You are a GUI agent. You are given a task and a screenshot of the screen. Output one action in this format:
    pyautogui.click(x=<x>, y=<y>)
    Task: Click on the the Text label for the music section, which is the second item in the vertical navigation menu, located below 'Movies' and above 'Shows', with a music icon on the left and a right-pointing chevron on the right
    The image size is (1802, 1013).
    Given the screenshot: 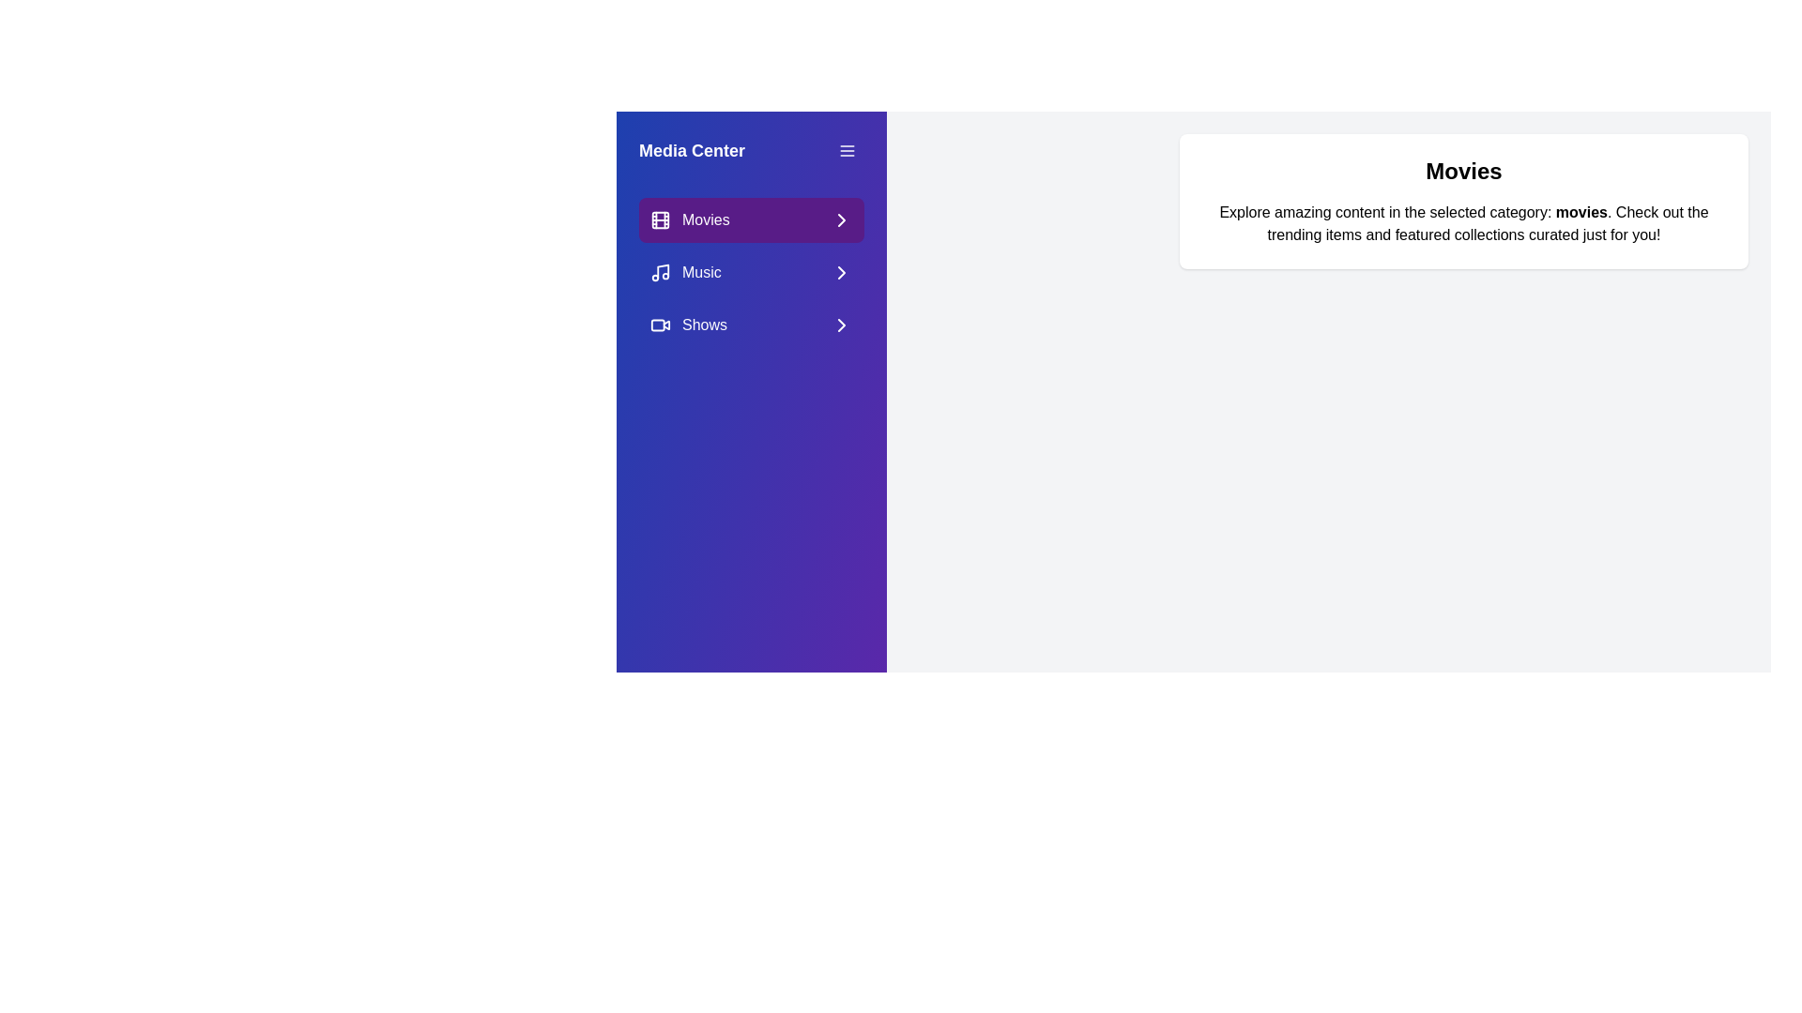 What is the action you would take?
    pyautogui.click(x=700, y=272)
    